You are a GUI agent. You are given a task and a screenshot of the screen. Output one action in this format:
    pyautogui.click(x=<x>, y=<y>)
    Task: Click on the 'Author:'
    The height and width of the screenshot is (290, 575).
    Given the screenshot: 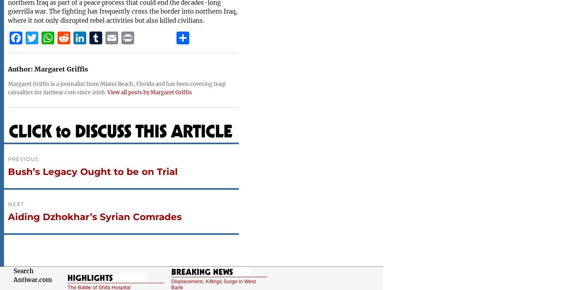 What is the action you would take?
    pyautogui.click(x=20, y=69)
    